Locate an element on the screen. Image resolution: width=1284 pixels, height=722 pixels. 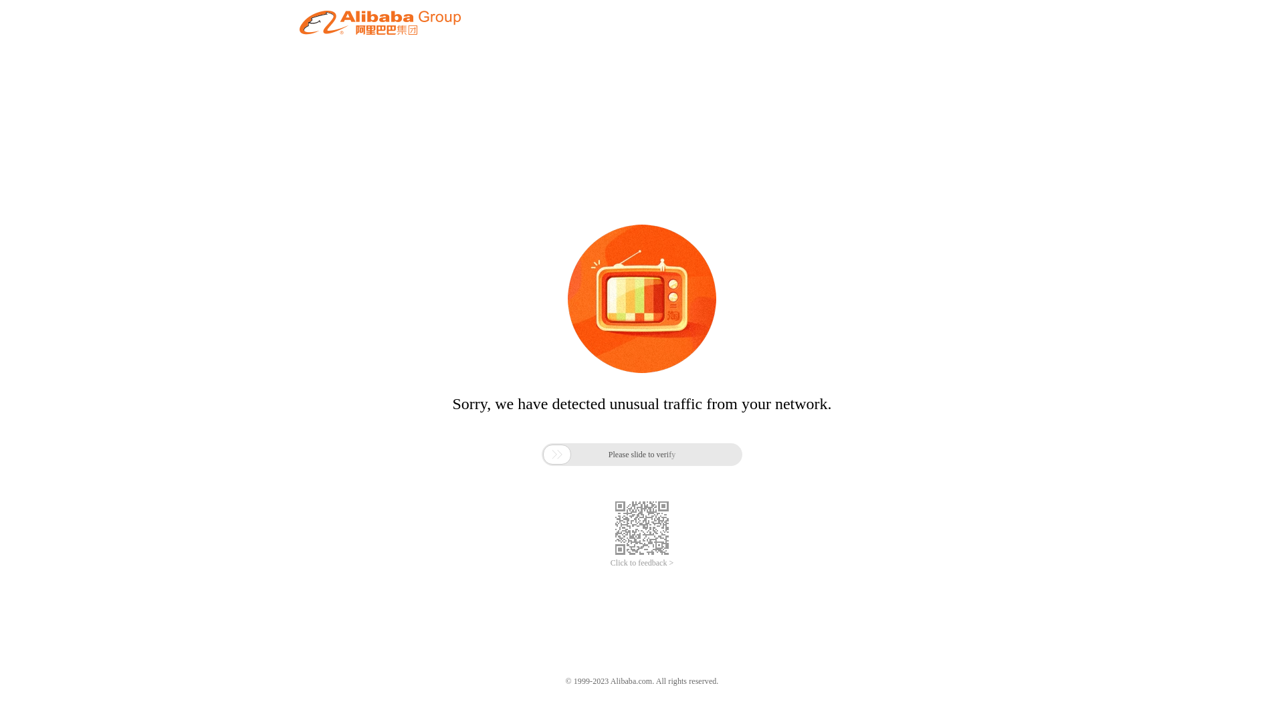
'Click to feedback >' is located at coordinates (642, 563).